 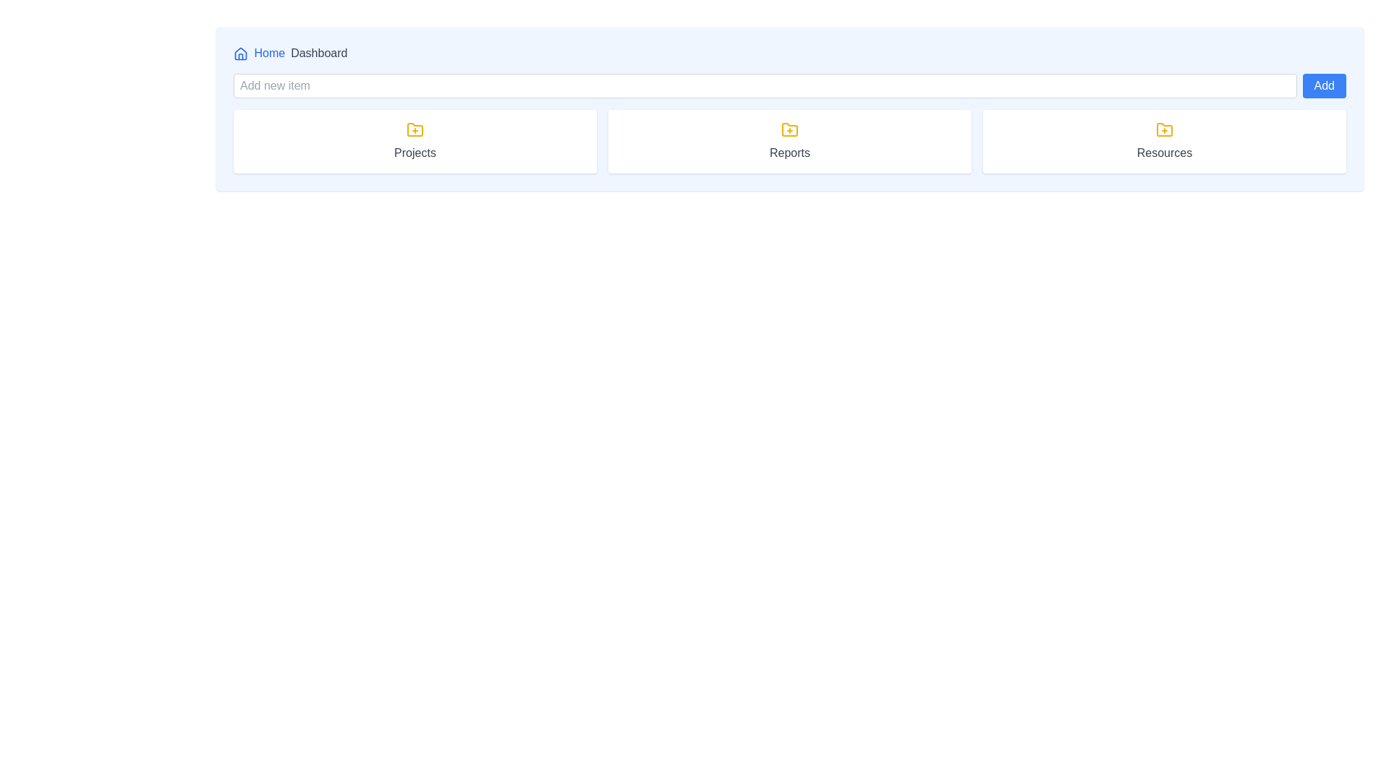 I want to click on the text label 'Reports' which is styled with a moderate gray color and is positioned below the yellow folder icon in the middle card among three horizontally aligned cards, so click(x=789, y=153).